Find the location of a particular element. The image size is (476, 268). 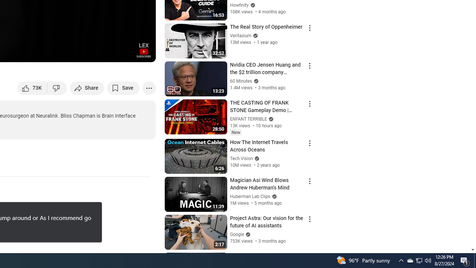

'Save to playlist' is located at coordinates (123, 87).